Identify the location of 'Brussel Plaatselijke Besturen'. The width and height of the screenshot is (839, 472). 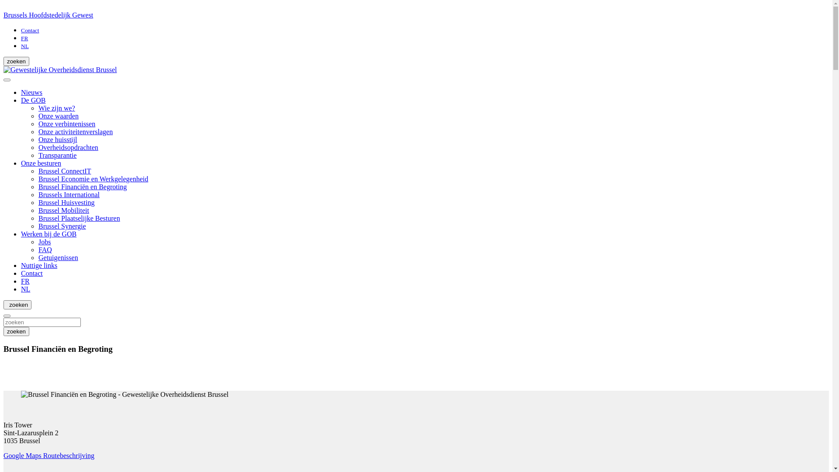
(79, 218).